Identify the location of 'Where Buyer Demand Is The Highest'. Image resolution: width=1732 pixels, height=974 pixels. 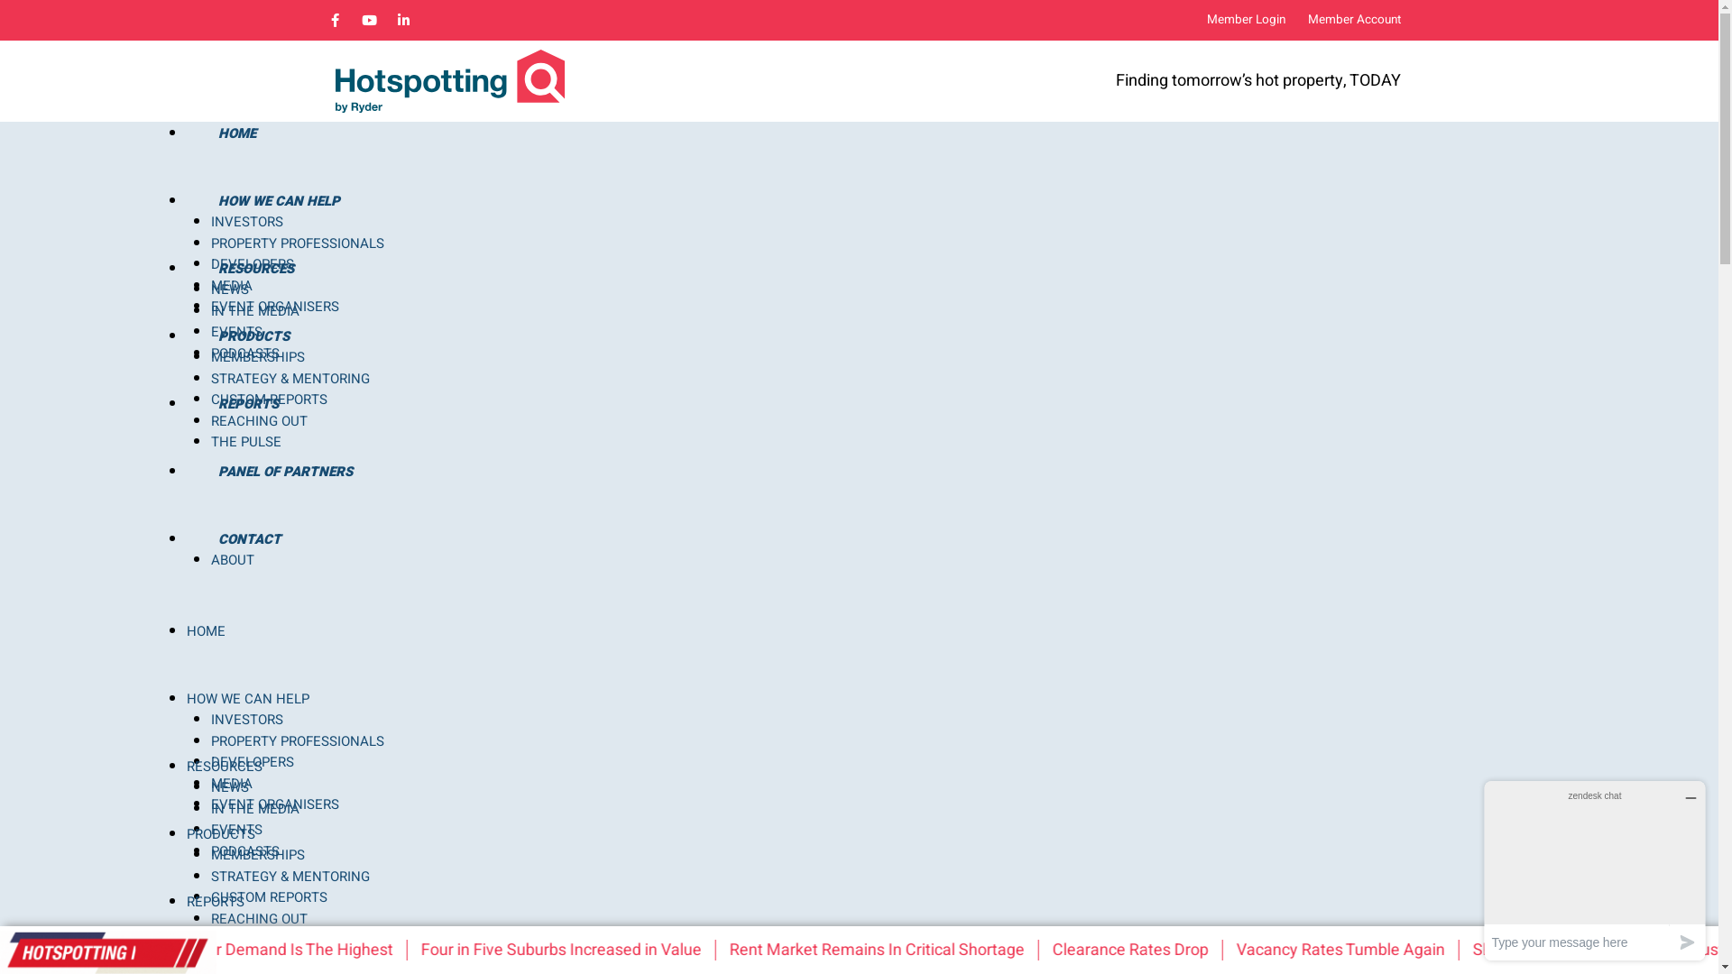
(283, 949).